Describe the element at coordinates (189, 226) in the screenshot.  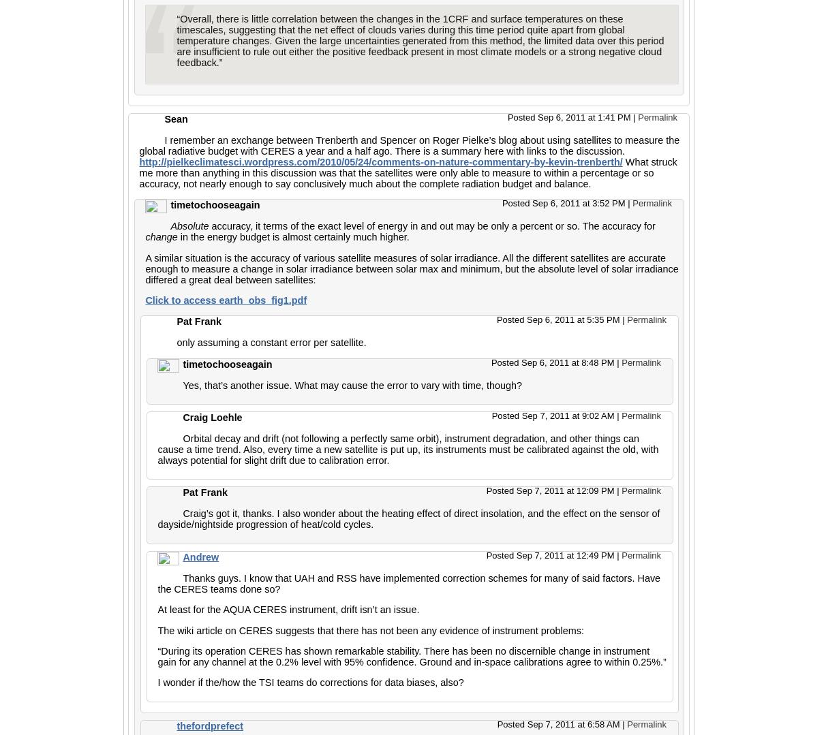
I see `'Absolute'` at that location.